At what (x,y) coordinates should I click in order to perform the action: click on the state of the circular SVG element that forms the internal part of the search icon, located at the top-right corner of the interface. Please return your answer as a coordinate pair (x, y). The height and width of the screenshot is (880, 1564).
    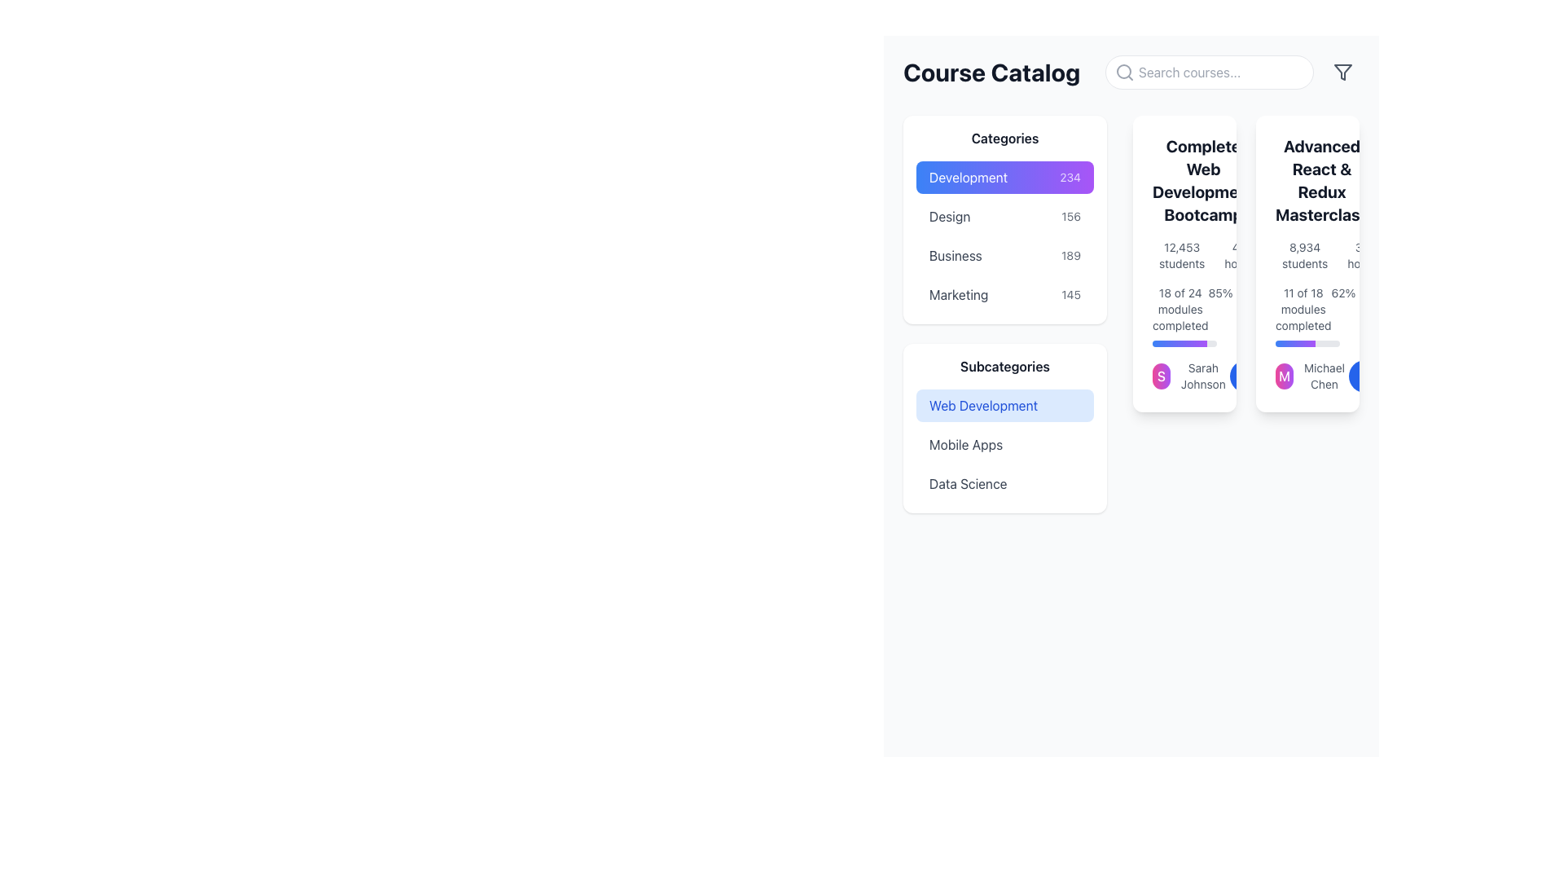
    Looking at the image, I should click on (1123, 71).